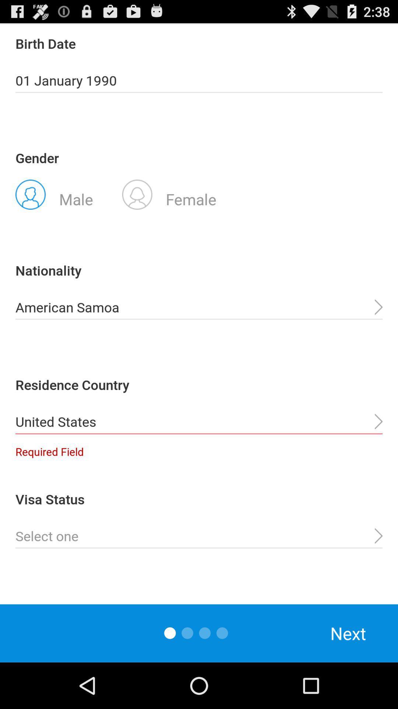 The width and height of the screenshot is (398, 709). What do you see at coordinates (54, 194) in the screenshot?
I see `the item next to the female icon` at bounding box center [54, 194].